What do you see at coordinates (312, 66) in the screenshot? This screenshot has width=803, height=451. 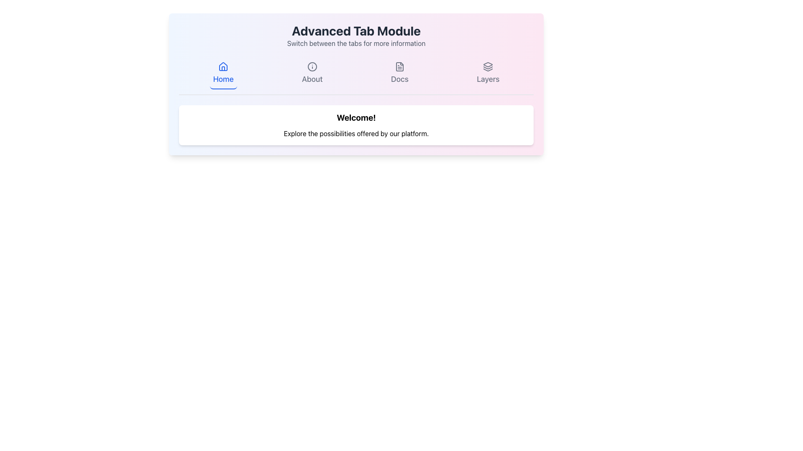 I see `the circular icon component located in the 'About' tab of the header section, which has a minimal styling and is centrally positioned within the icon` at bounding box center [312, 66].